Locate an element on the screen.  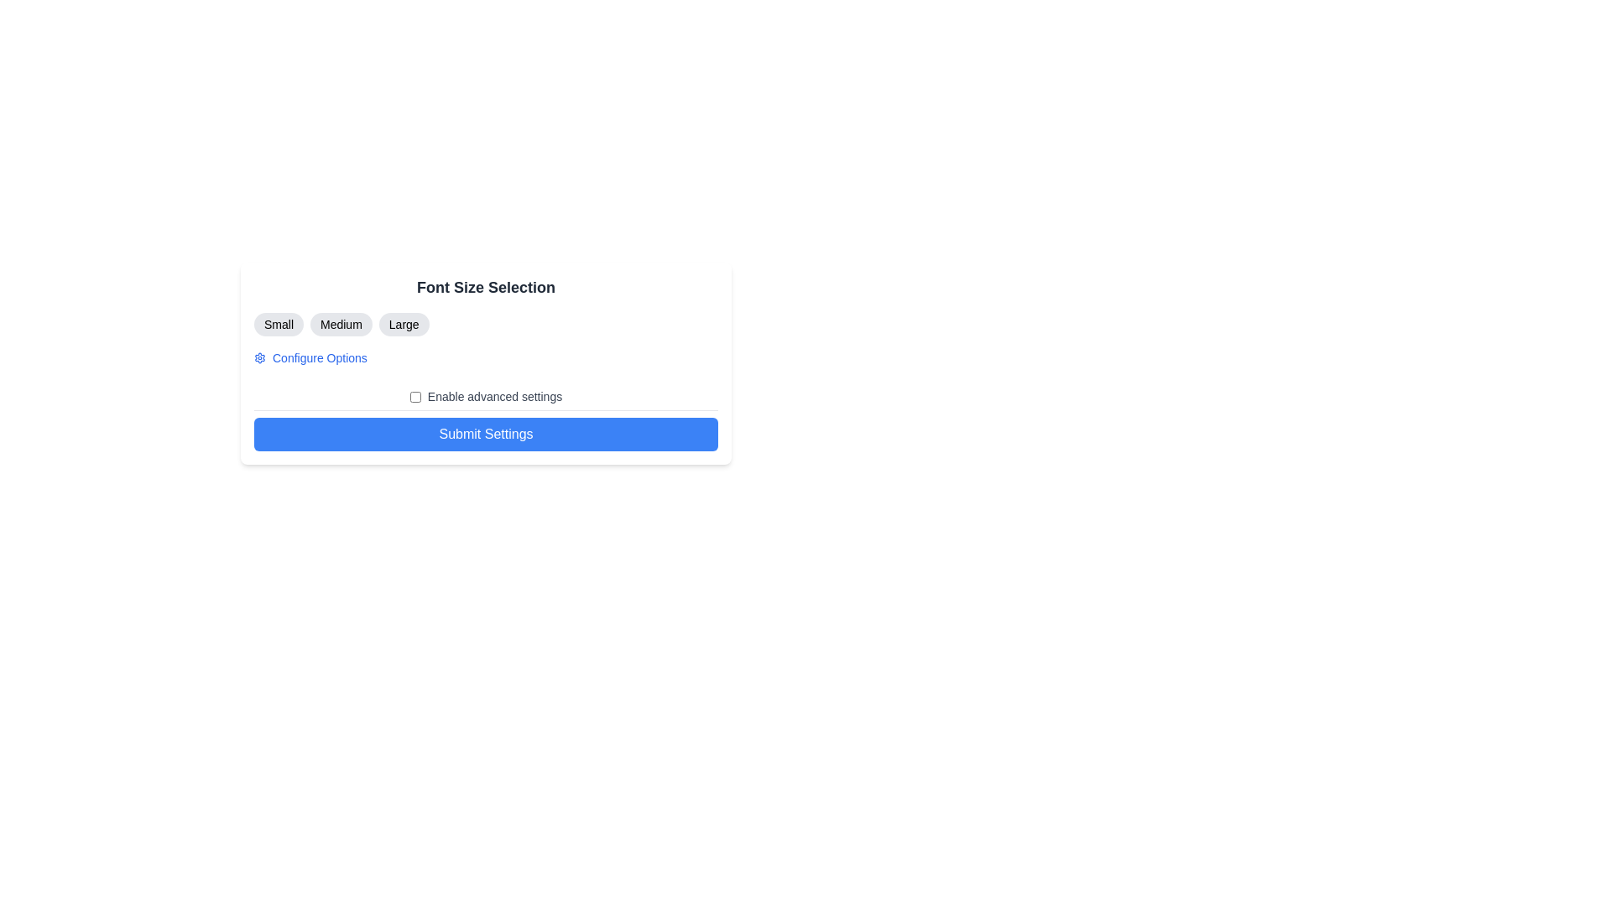
the checkbox that allows the user to toggle the enabling of advanced settings, positioned below the 'Configure Options' text link and above the 'Submit Settings' button is located at coordinates (485, 397).